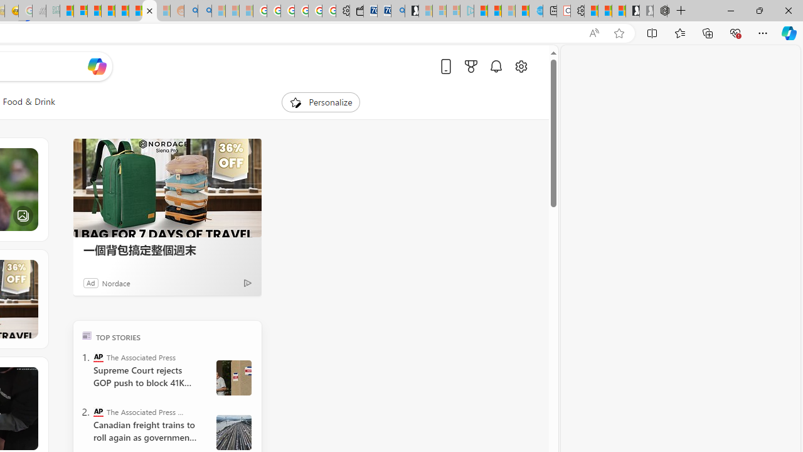  I want to click on 'Play Free Online Games | Games from Microsoft Start', so click(632, 11).